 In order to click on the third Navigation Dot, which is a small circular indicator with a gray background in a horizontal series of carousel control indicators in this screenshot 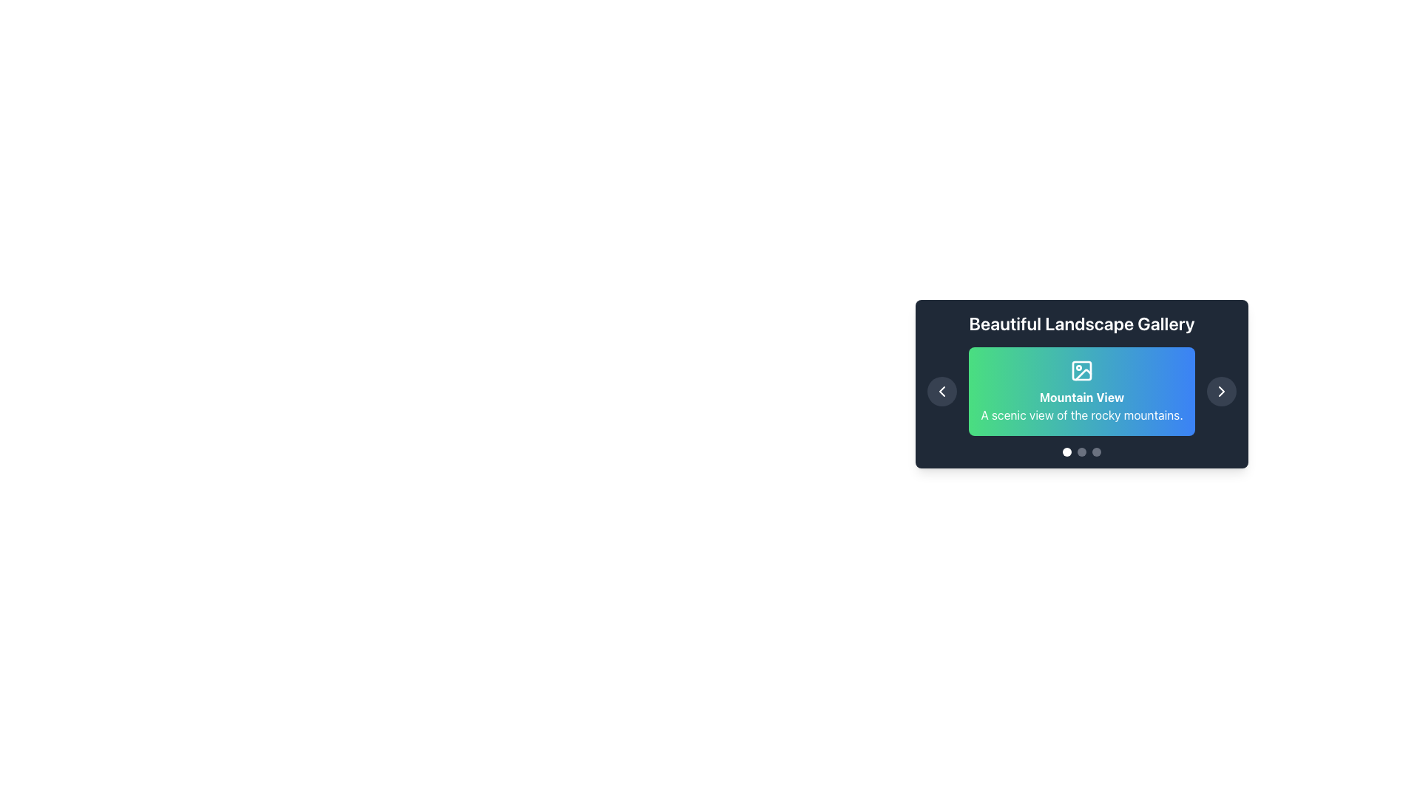, I will do `click(1097, 451)`.